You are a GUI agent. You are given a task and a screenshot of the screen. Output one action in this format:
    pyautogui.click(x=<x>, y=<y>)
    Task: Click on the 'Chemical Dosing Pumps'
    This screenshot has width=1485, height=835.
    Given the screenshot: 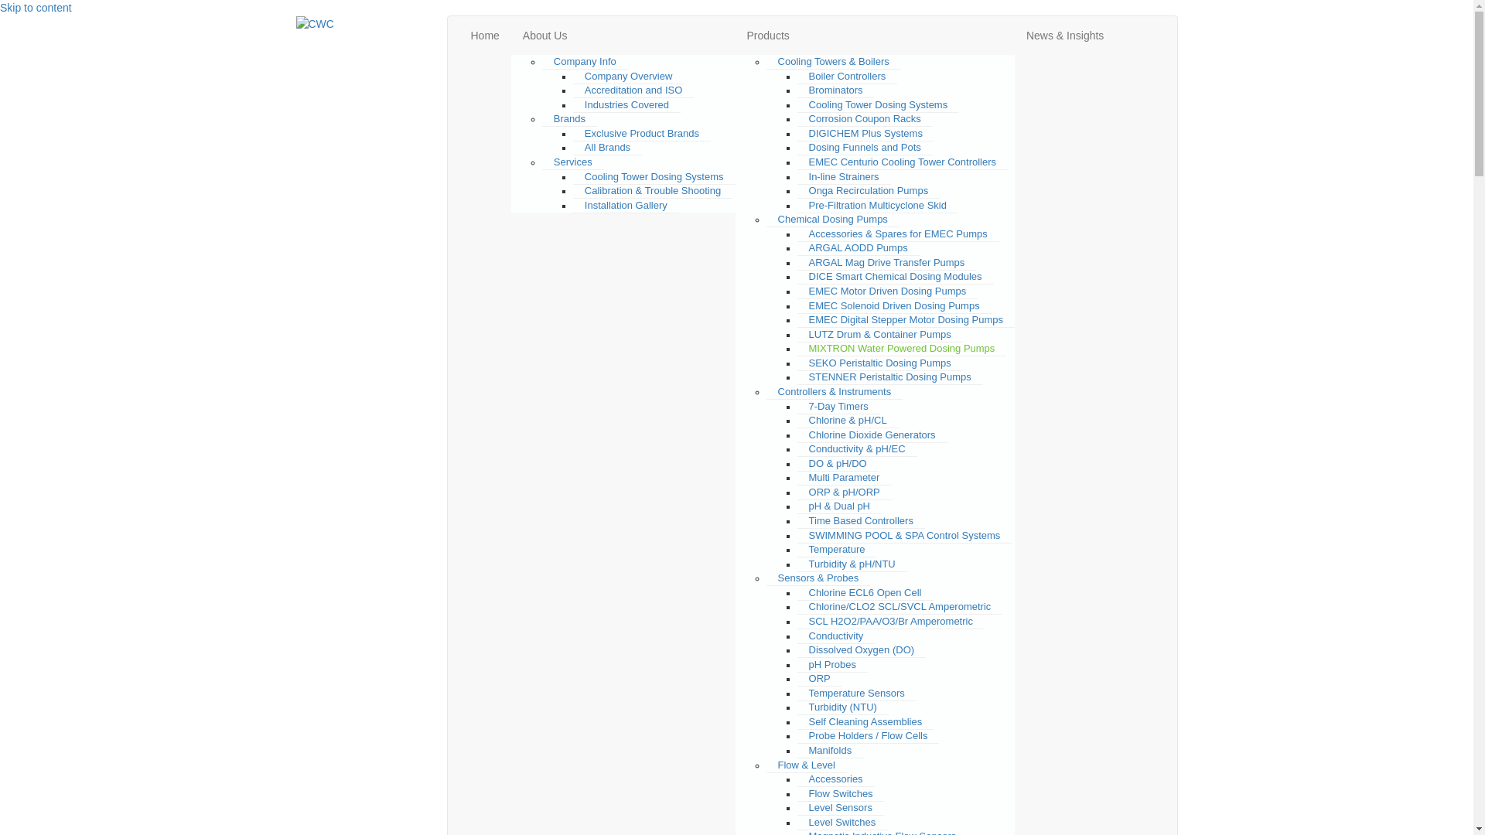 What is the action you would take?
    pyautogui.click(x=831, y=220)
    